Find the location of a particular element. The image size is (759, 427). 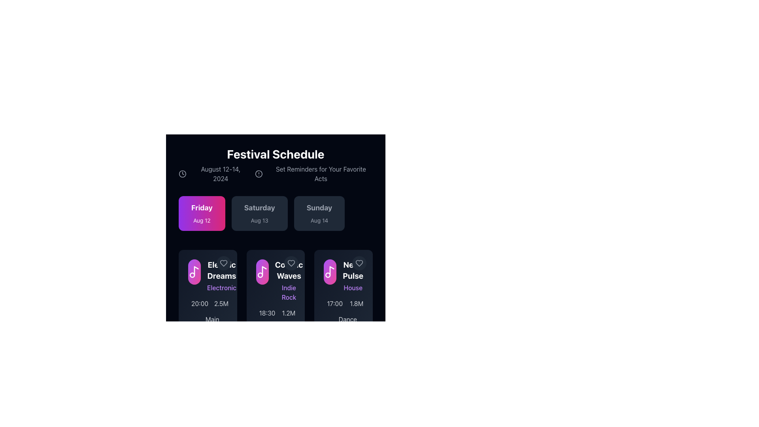

the text label displaying 'Sunday', which is bold, large, and gray, located in the third box of three date-related boxes, positioned horizontally with 'Friday' and 'Saturday' to its left is located at coordinates (319, 207).